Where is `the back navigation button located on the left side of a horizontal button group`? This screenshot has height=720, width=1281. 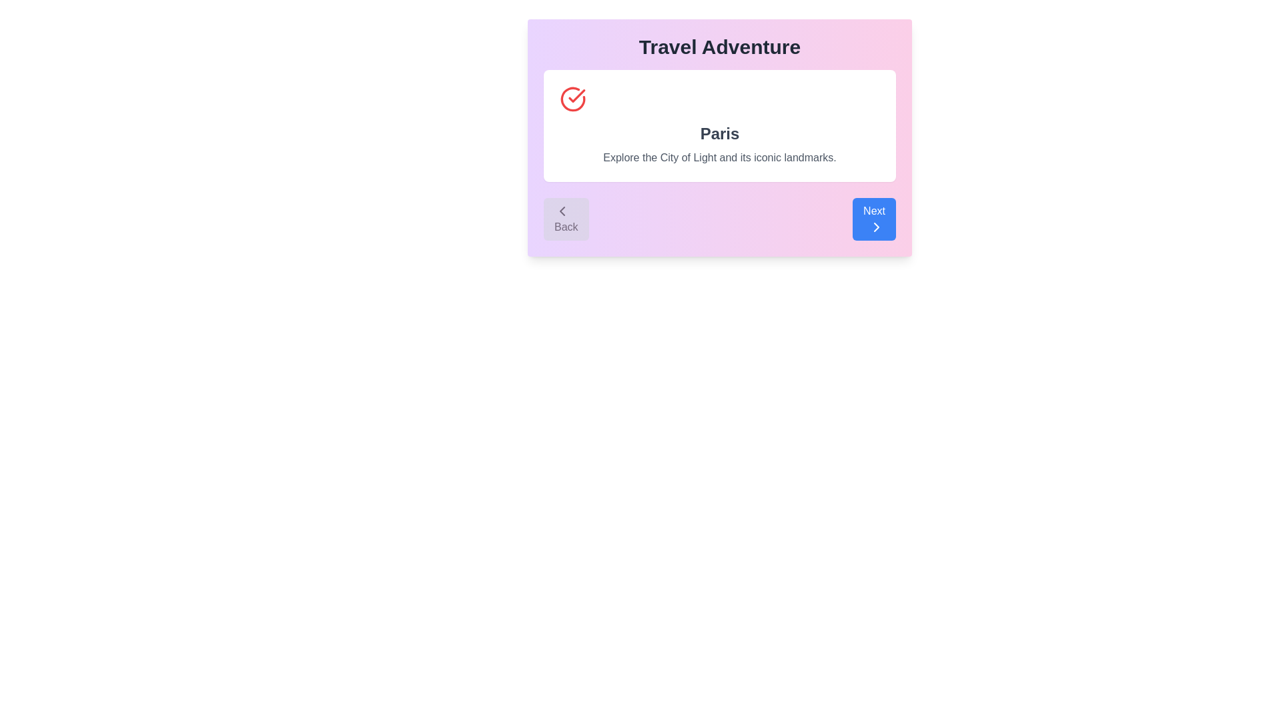
the back navigation button located on the left side of a horizontal button group is located at coordinates (566, 218).